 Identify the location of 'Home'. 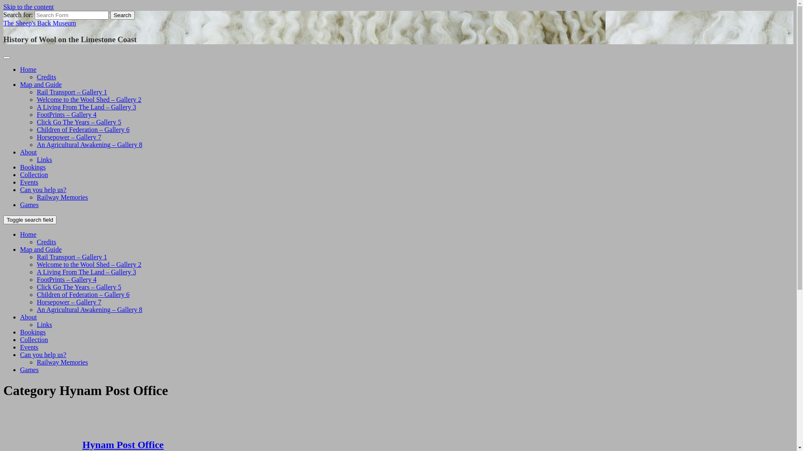
(20, 234).